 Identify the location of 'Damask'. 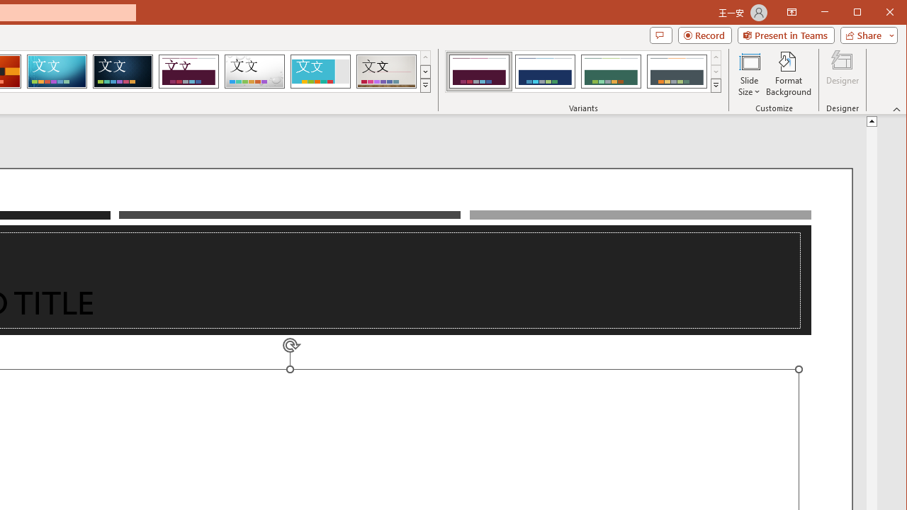
(123, 71).